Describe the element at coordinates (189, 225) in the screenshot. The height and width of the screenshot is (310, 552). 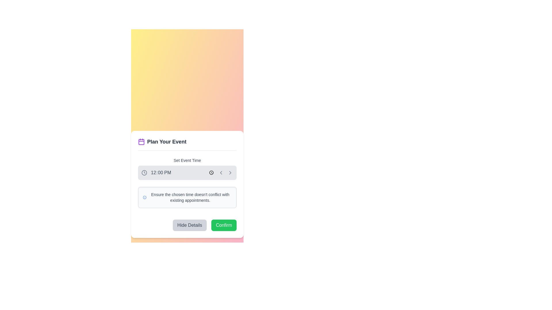
I see `the toggle button located at the bottom right of the card interface to observe style changes` at that location.